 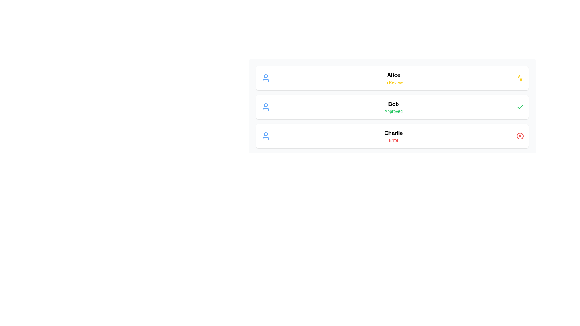 I want to click on the text display area containing 'Bob' in bold black font and 'Approved' in green, located in the central column of the second row of a vertically stacked list, so click(x=393, y=107).